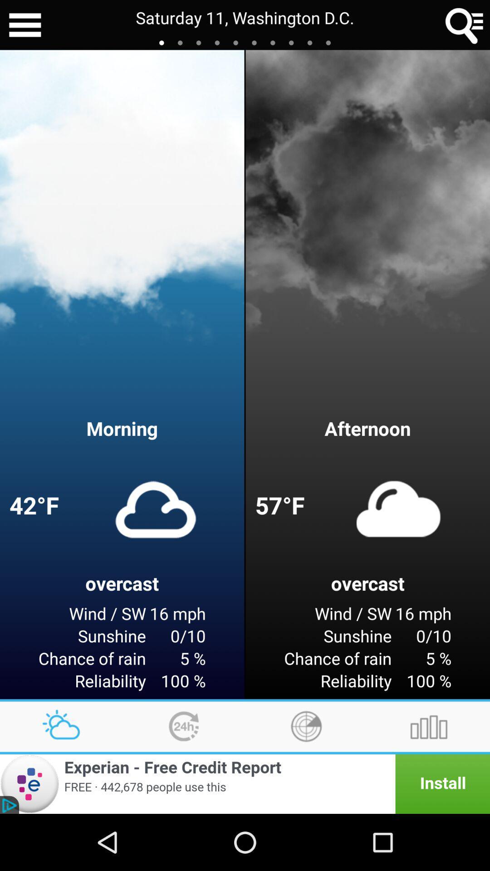  Describe the element at coordinates (245, 783) in the screenshot. I see `experian page` at that location.